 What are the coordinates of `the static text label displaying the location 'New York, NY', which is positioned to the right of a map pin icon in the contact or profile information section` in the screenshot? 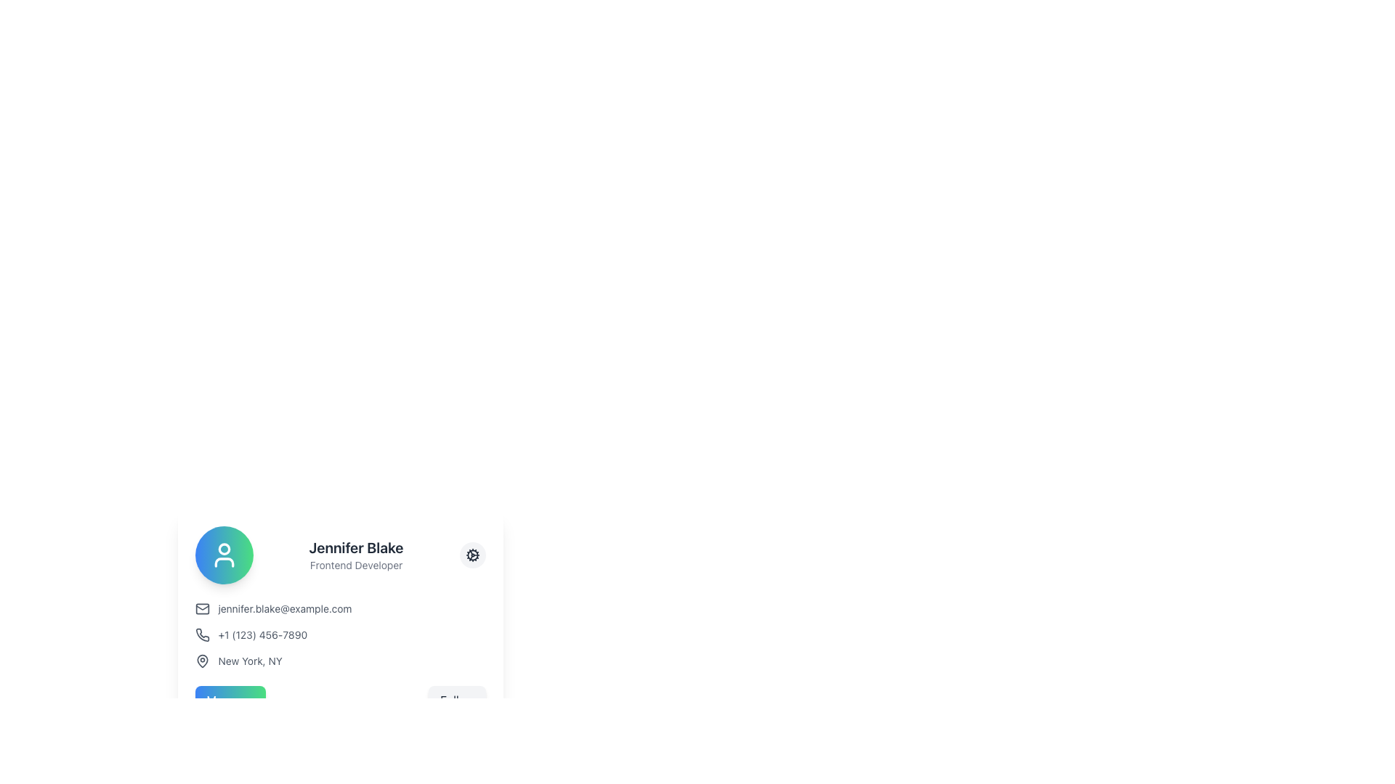 It's located at (250, 661).